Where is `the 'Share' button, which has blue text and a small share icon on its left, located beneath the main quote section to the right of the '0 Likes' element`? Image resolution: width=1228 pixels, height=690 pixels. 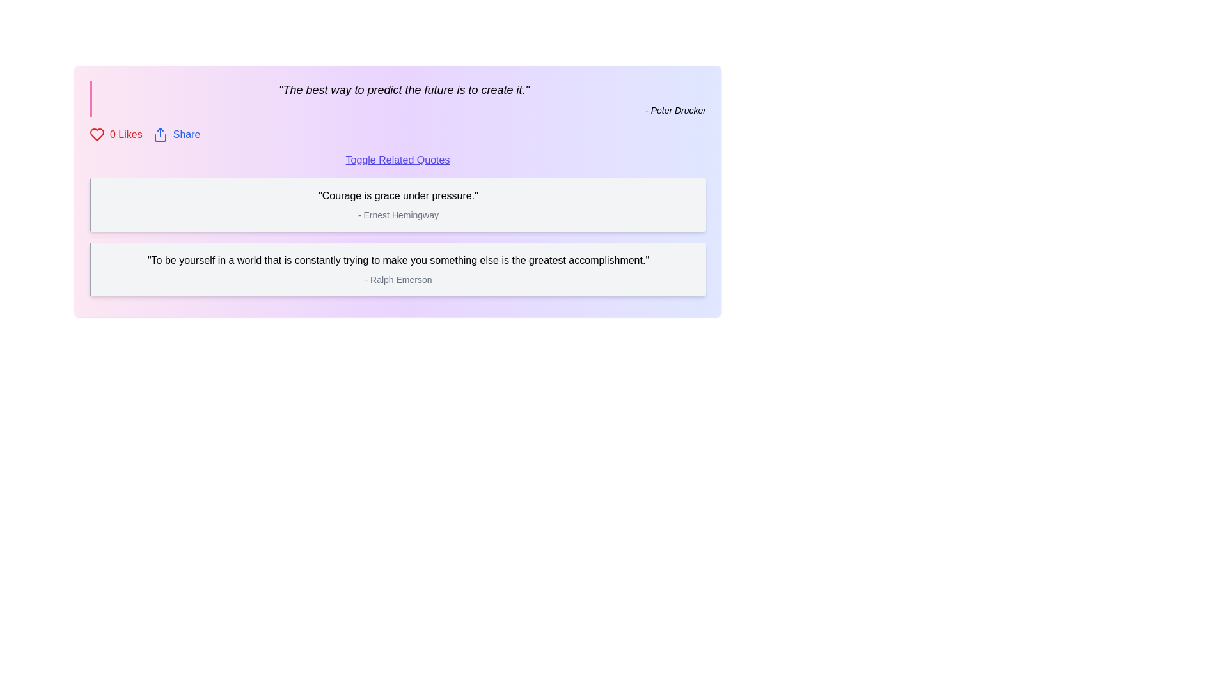
the 'Share' button, which has blue text and a small share icon on its left, located beneath the main quote section to the right of the '0 Likes' element is located at coordinates (176, 135).